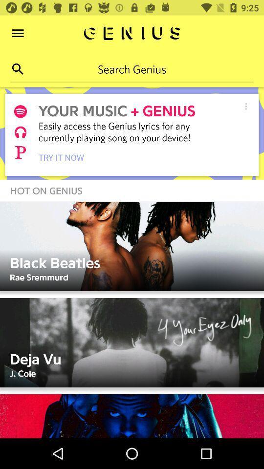 Image resolution: width=264 pixels, height=469 pixels. What do you see at coordinates (18, 68) in the screenshot?
I see `search the app` at bounding box center [18, 68].